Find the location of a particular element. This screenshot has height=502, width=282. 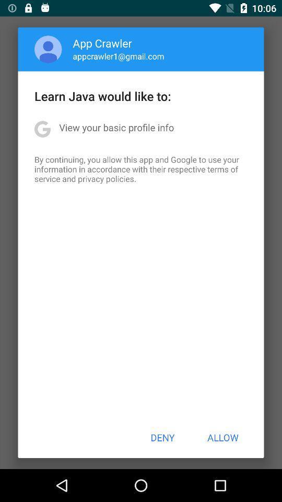

icon above the appcrawler1@gmail.com app is located at coordinates (102, 43).